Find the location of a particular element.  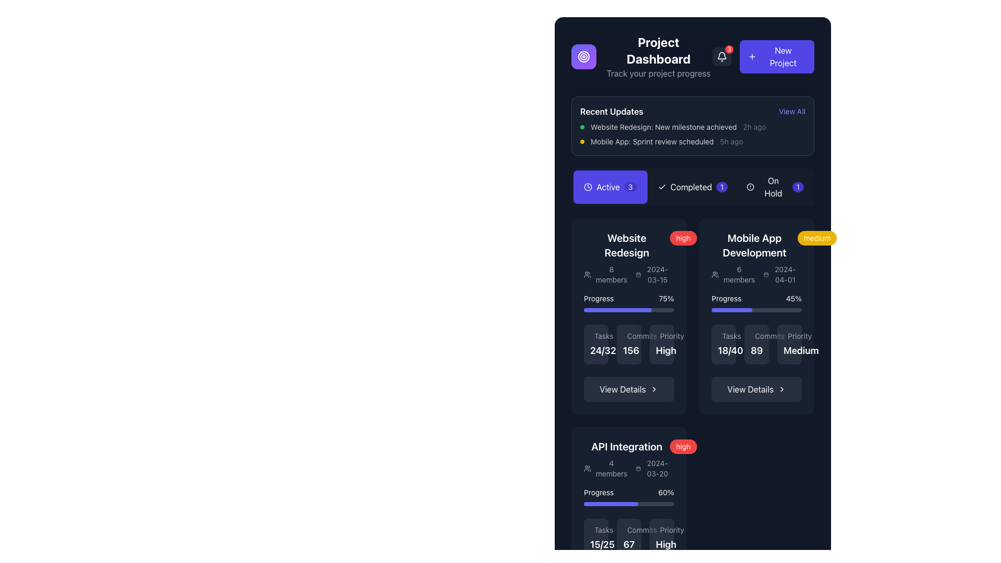

the priority indication label located at the bottom center of the 'Mobile App Development' card, which is directly above the 'Medium' priority level text is located at coordinates (789, 336).